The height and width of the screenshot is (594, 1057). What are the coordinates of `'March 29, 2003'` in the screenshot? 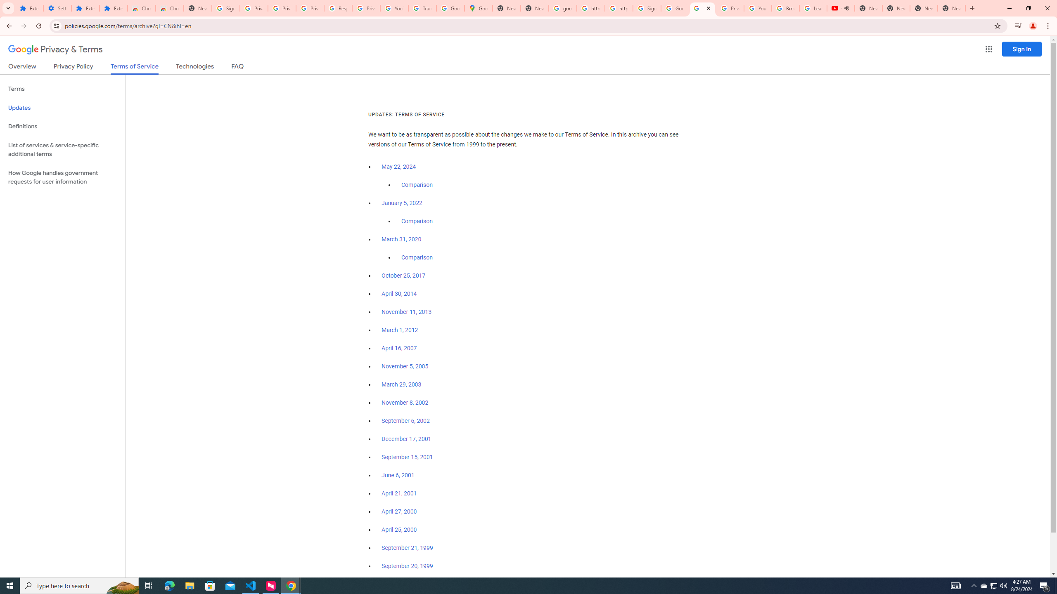 It's located at (401, 384).